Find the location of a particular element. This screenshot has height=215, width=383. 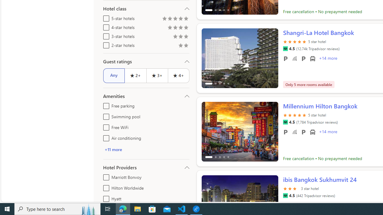

'Hotel class' is located at coordinates (146, 9).